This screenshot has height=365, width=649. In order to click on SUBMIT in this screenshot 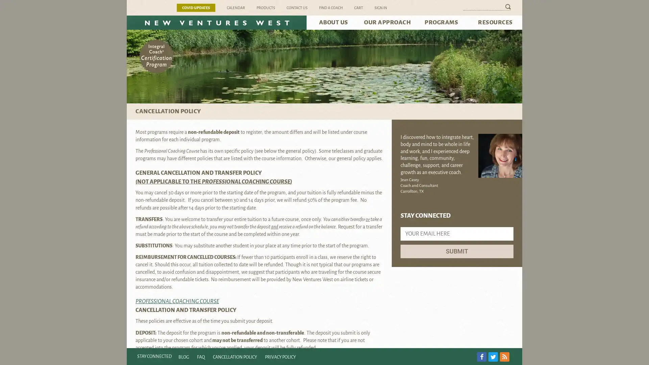, I will do `click(457, 251)`.